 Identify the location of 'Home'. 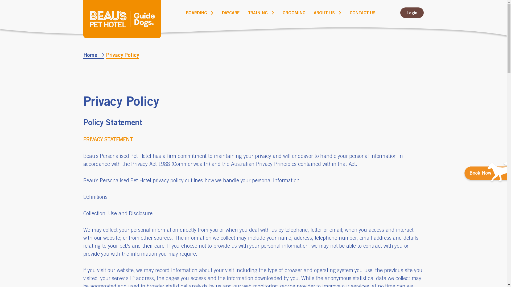
(83, 55).